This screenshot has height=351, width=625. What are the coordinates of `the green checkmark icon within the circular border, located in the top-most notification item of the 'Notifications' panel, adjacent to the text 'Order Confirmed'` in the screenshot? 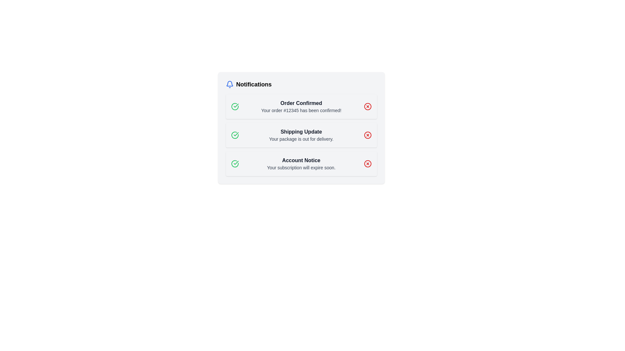 It's located at (235, 162).